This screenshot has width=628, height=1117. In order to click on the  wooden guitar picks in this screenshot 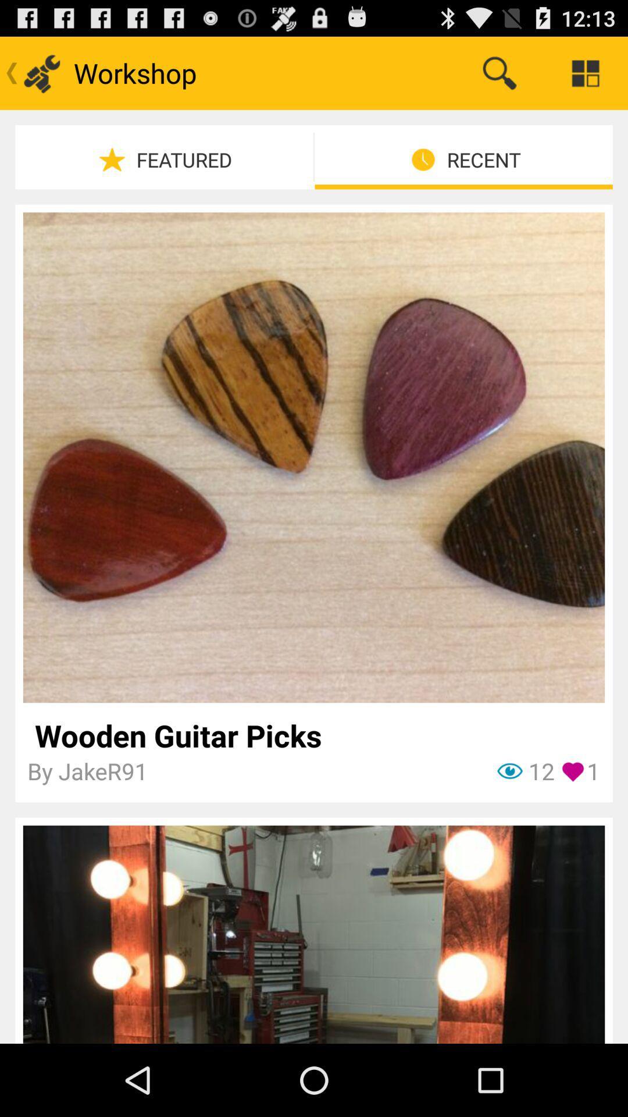, I will do `click(313, 735)`.